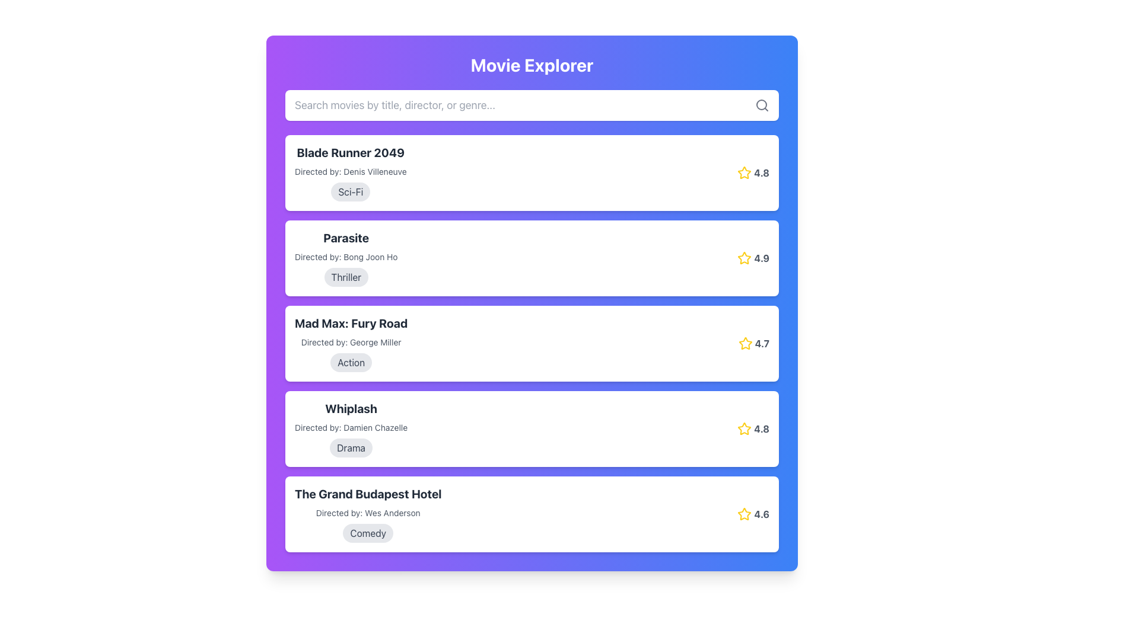 The width and height of the screenshot is (1139, 640). I want to click on the text element displaying 'Whiplash' in large bold dark gray font, so click(351, 408).